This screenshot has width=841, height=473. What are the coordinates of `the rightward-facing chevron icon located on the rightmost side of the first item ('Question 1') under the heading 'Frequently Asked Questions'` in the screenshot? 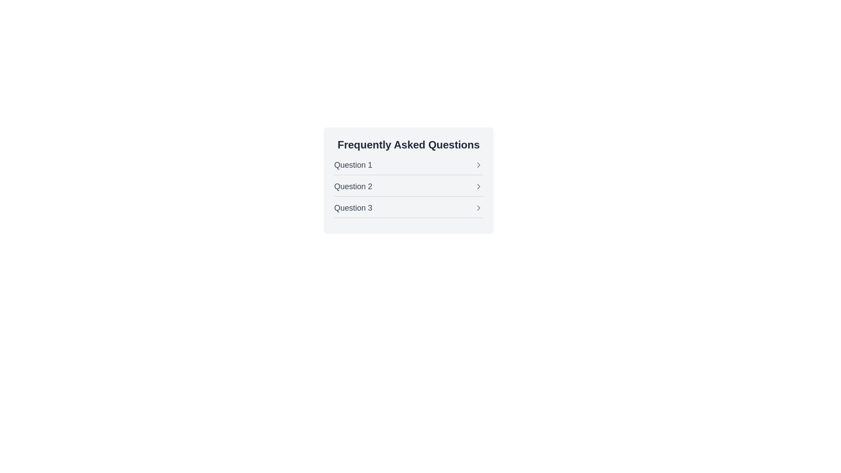 It's located at (478, 165).